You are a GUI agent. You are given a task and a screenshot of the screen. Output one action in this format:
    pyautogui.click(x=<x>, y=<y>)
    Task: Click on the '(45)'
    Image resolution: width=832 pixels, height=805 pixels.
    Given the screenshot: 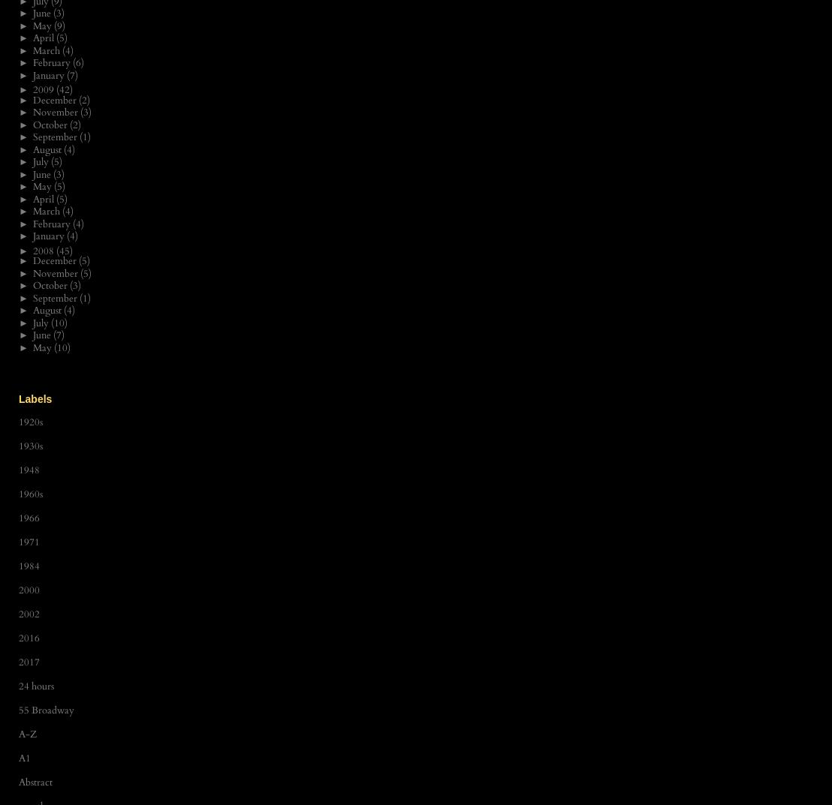 What is the action you would take?
    pyautogui.click(x=62, y=251)
    